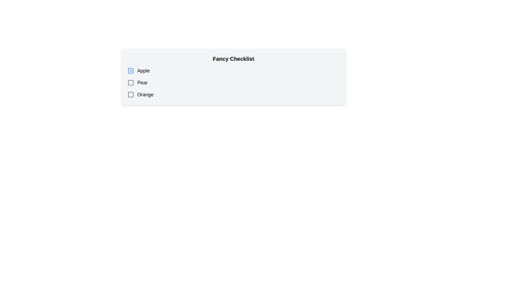 The width and height of the screenshot is (521, 293). Describe the element at coordinates (131, 82) in the screenshot. I see `the checkbox for the item 'Pear' in the 'Fancy Checklist' to receive potential visual feedback` at that location.